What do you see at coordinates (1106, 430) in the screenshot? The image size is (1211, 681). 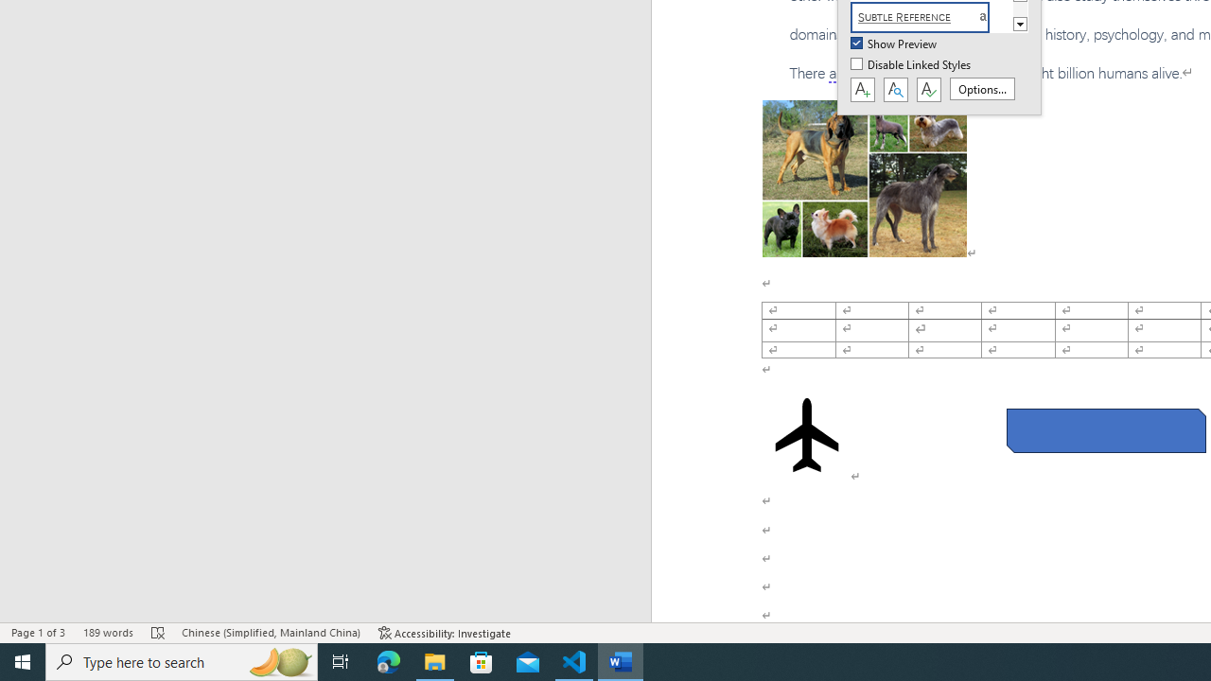 I see `'Rectangle: Diagonal Corners Snipped 2'` at bounding box center [1106, 430].